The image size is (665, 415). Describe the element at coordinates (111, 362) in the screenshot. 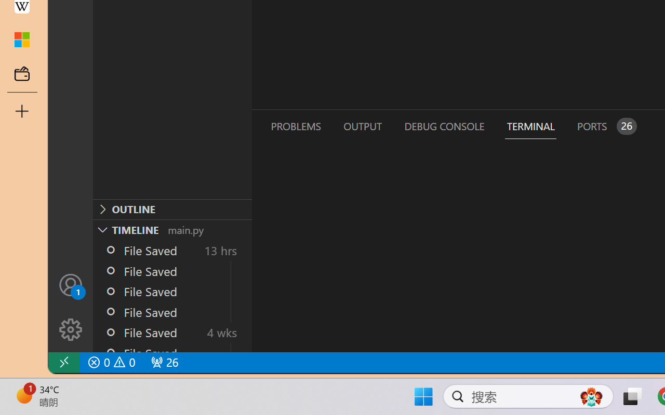

I see `'No Problems'` at that location.